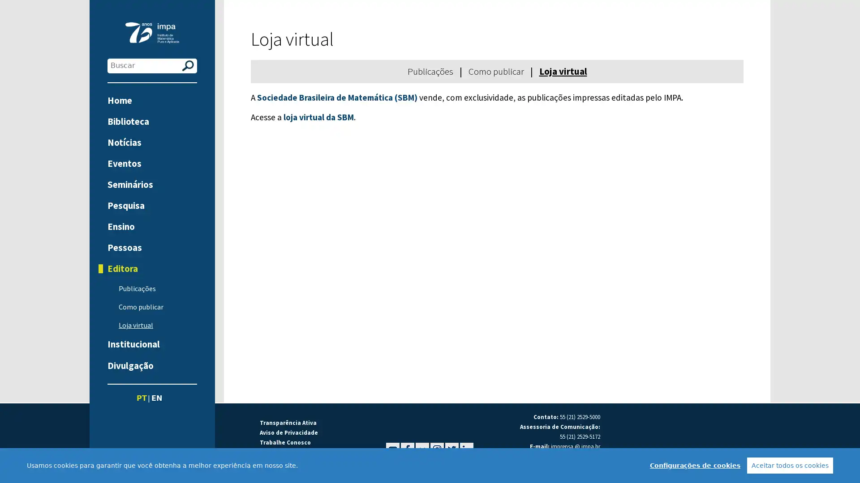  What do you see at coordinates (156, 398) in the screenshot?
I see `EN` at bounding box center [156, 398].